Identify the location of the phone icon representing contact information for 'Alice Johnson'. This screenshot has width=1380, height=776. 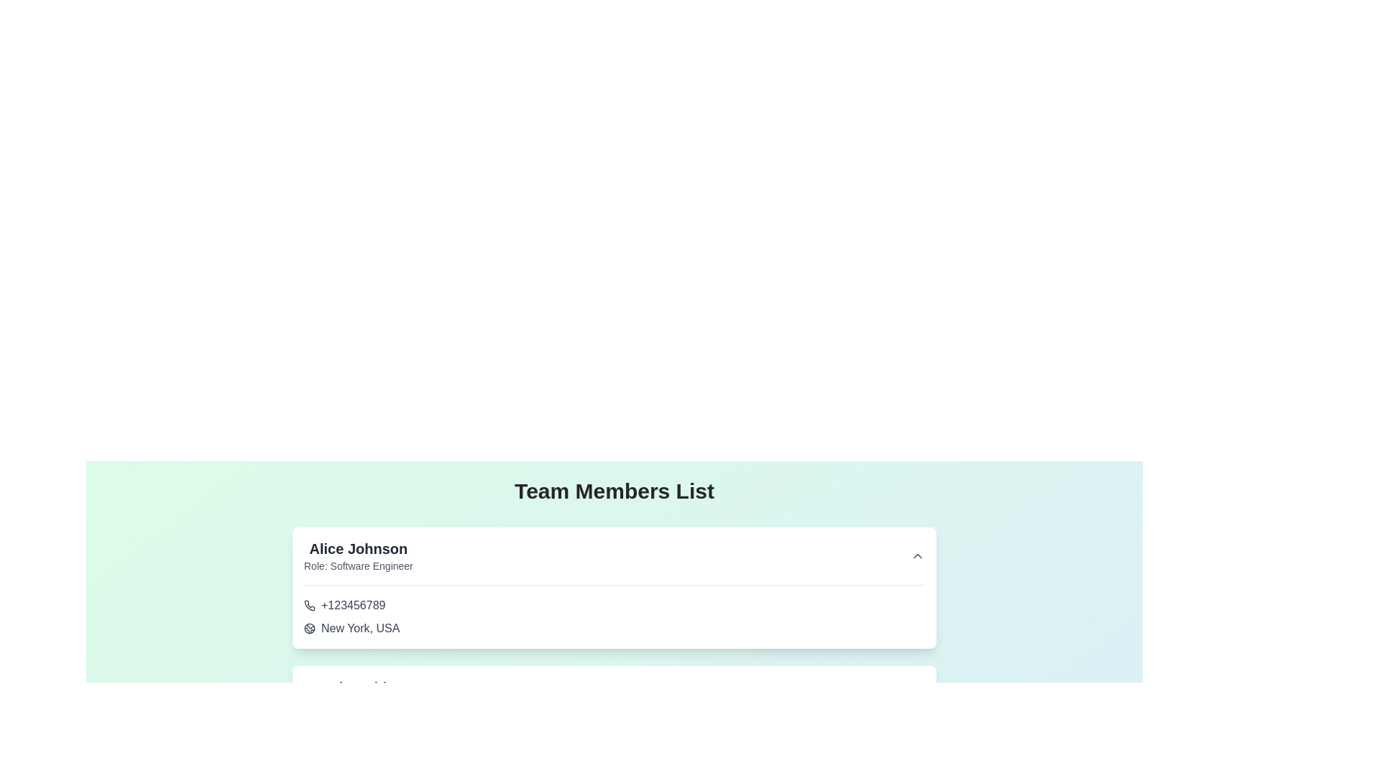
(309, 605).